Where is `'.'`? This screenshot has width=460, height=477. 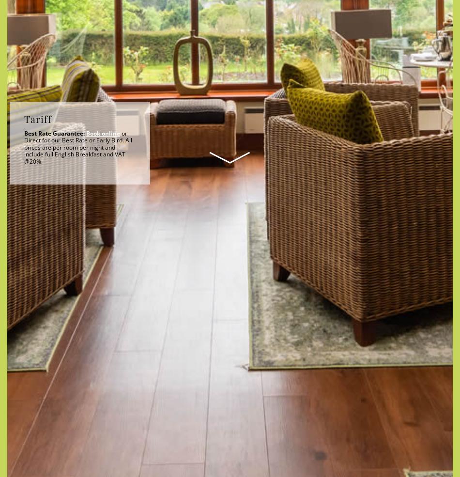
'.' is located at coordinates (185, 350).